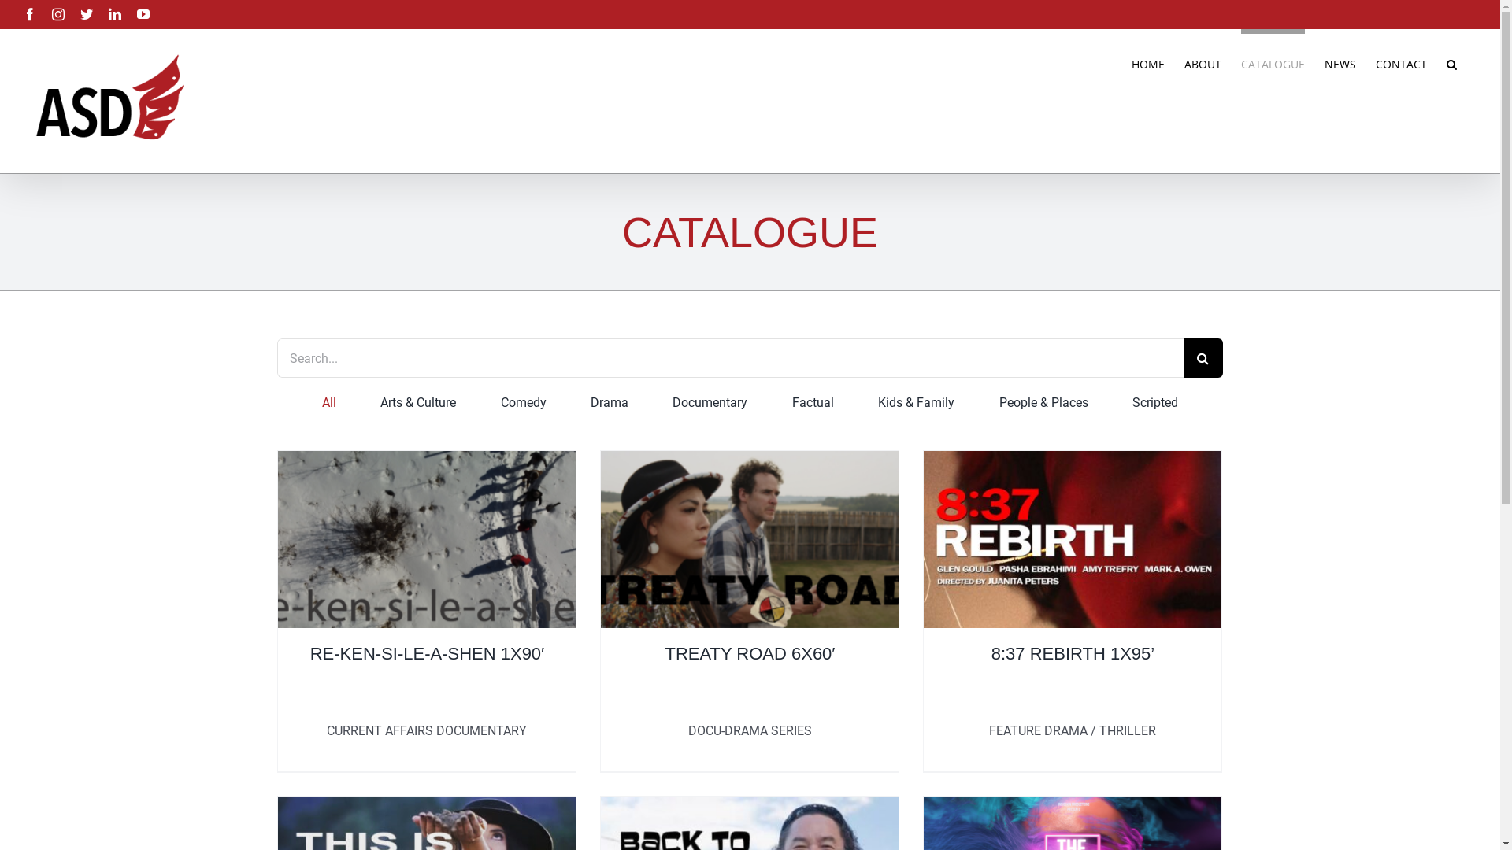 The image size is (1512, 850). What do you see at coordinates (86, 14) in the screenshot?
I see `'Twitter'` at bounding box center [86, 14].